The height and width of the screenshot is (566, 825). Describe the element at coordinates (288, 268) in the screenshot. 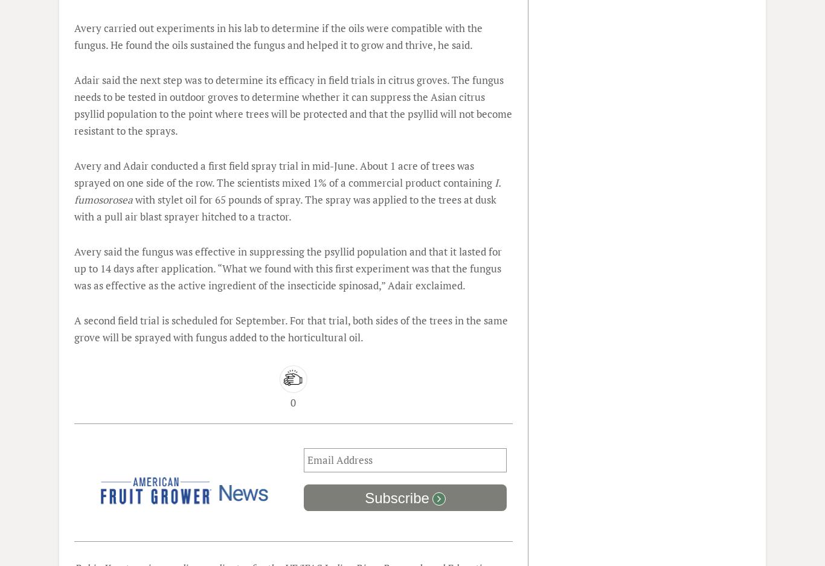

I see `'Avery said the fungus was effective in suppressing the psyllid population and that it lasted for up to 14 days after application. “What we found with this first experiment was that the fungus was as effective as the active ingredient of the insecticide spinosad,” Adair exclaimed.'` at that location.